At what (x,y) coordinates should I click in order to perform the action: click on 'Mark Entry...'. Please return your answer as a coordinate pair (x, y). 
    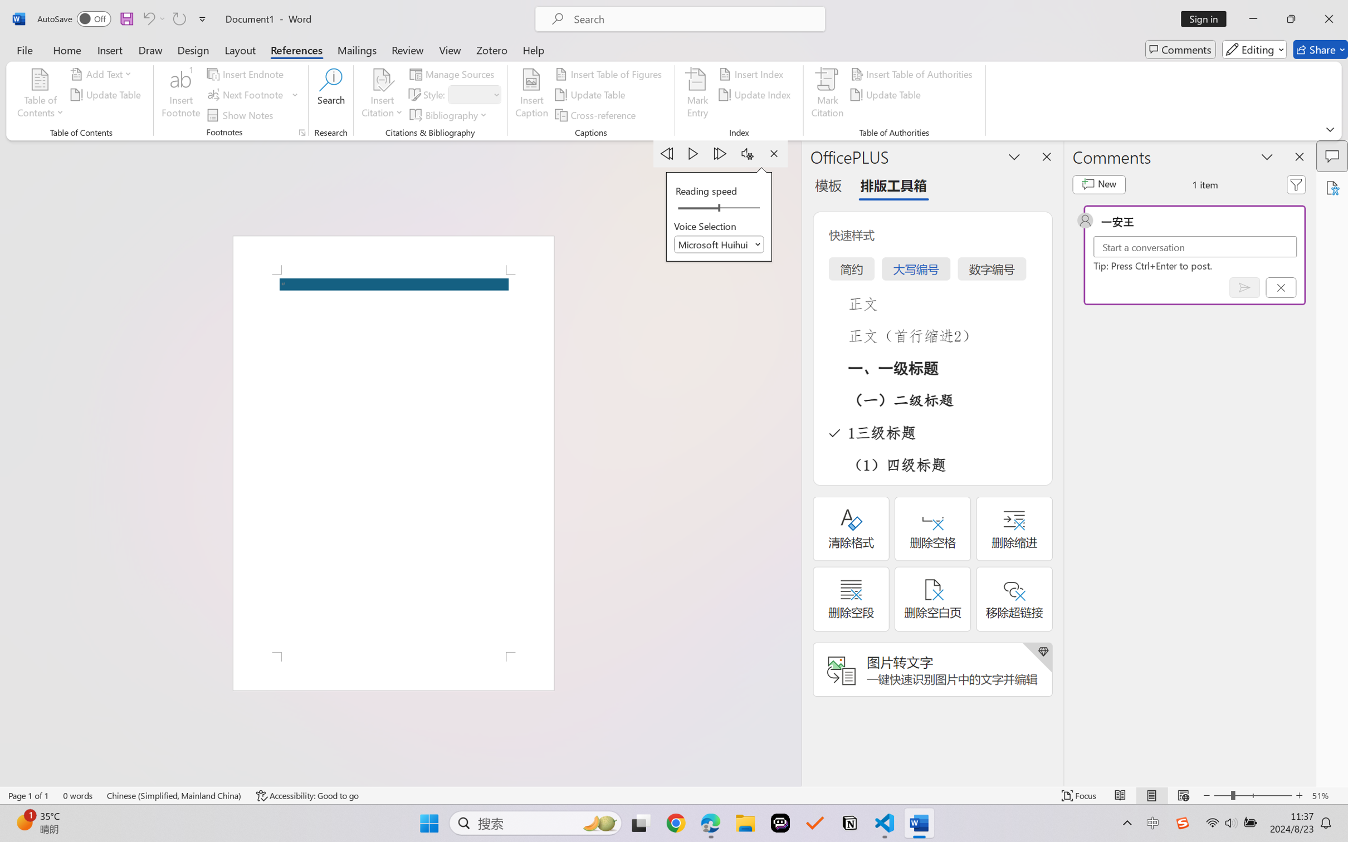
    Looking at the image, I should click on (697, 95).